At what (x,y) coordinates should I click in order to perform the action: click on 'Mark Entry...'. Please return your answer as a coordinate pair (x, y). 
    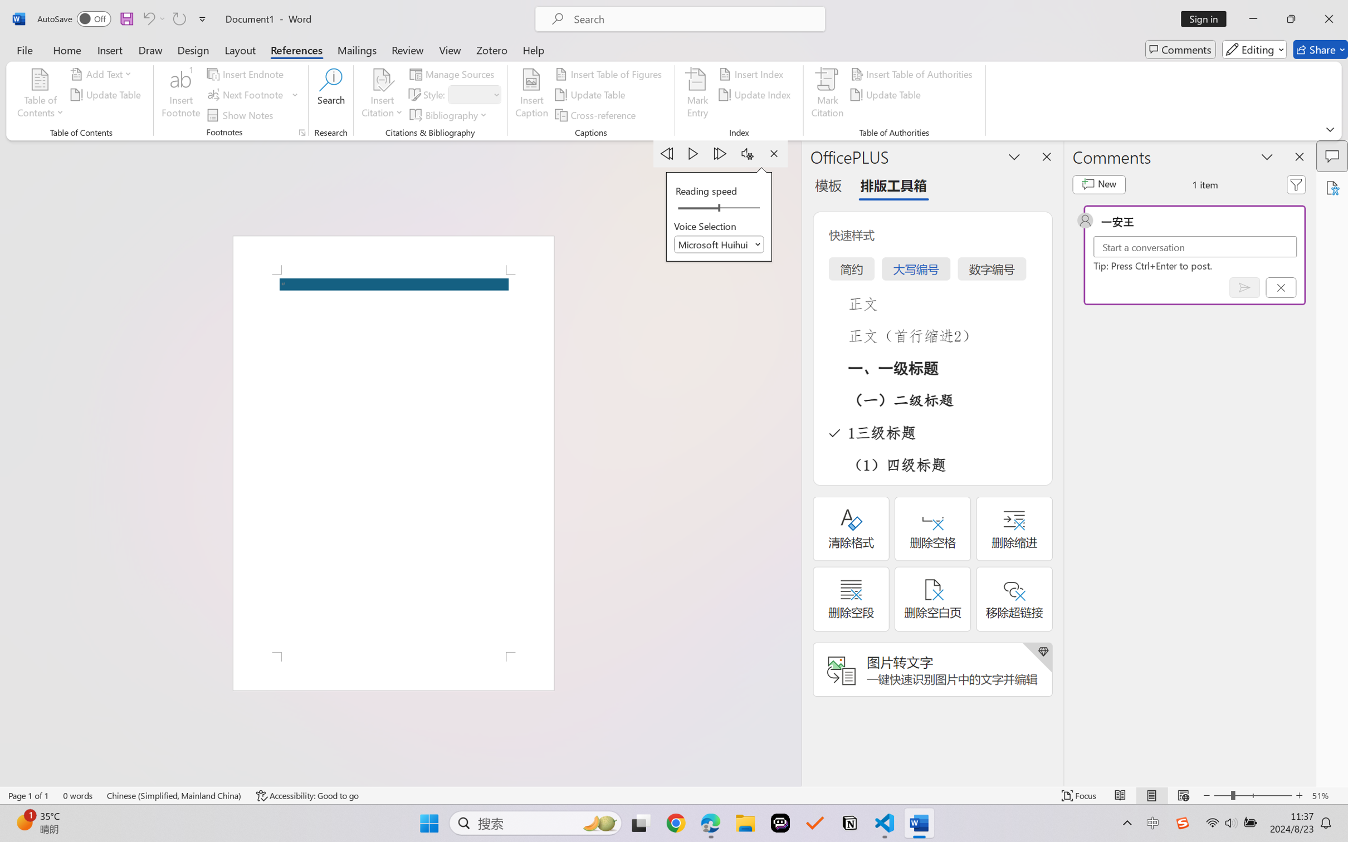
    Looking at the image, I should click on (697, 95).